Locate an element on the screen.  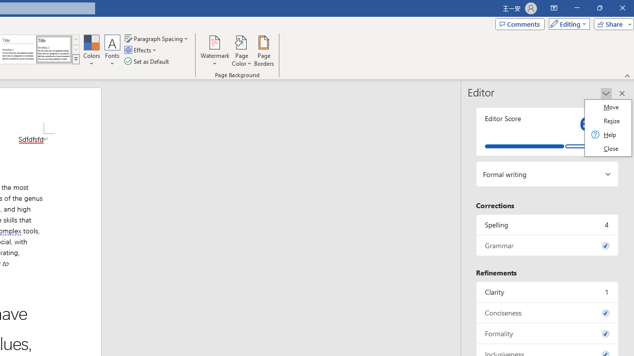
'Fonts' is located at coordinates (112, 51).